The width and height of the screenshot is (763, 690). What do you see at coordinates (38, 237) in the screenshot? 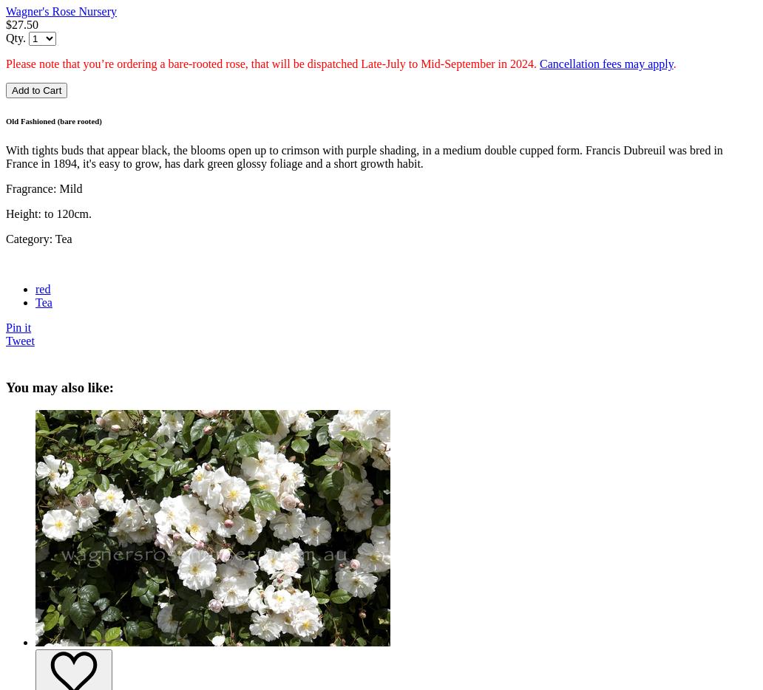
I see `'Category: Tea'` at bounding box center [38, 237].